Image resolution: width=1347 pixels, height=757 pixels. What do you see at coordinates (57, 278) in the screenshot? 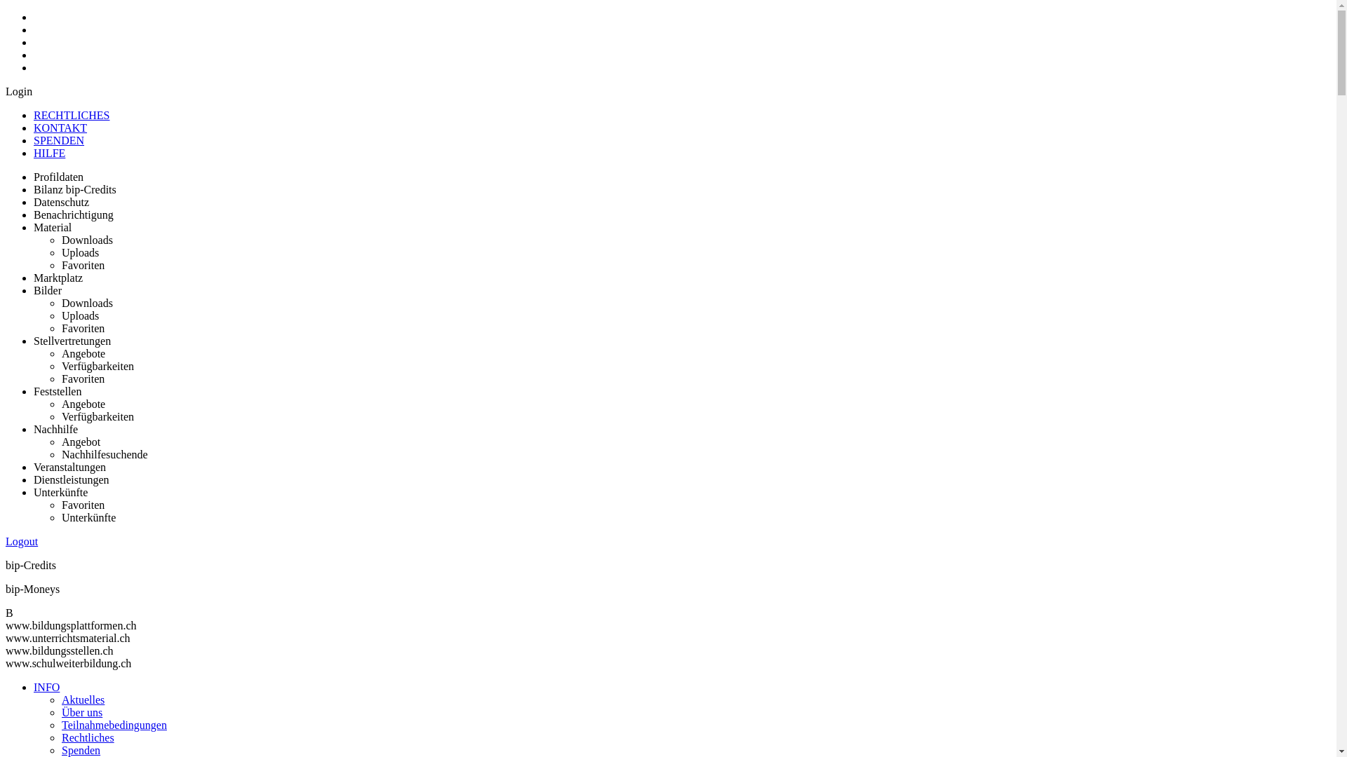
I see `'Marktplatz'` at bounding box center [57, 278].